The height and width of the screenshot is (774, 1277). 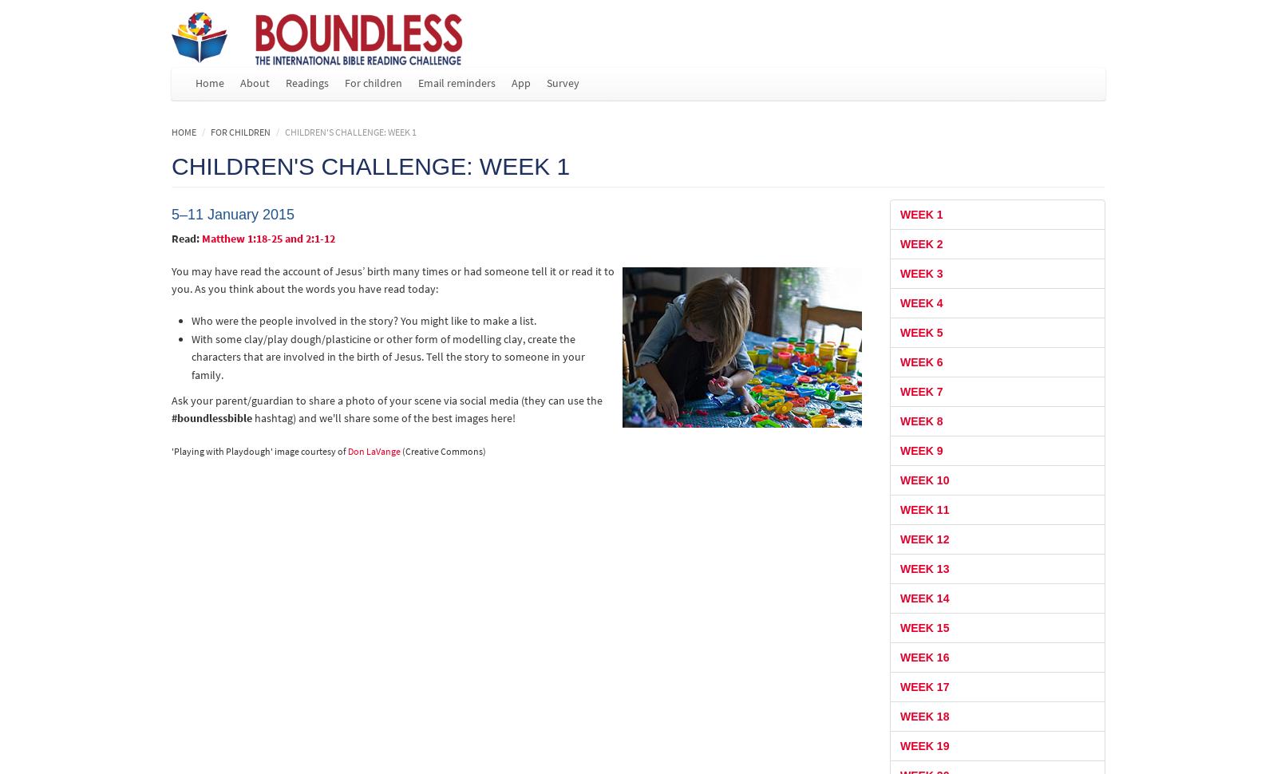 I want to click on 'Week 4', so click(x=920, y=301).